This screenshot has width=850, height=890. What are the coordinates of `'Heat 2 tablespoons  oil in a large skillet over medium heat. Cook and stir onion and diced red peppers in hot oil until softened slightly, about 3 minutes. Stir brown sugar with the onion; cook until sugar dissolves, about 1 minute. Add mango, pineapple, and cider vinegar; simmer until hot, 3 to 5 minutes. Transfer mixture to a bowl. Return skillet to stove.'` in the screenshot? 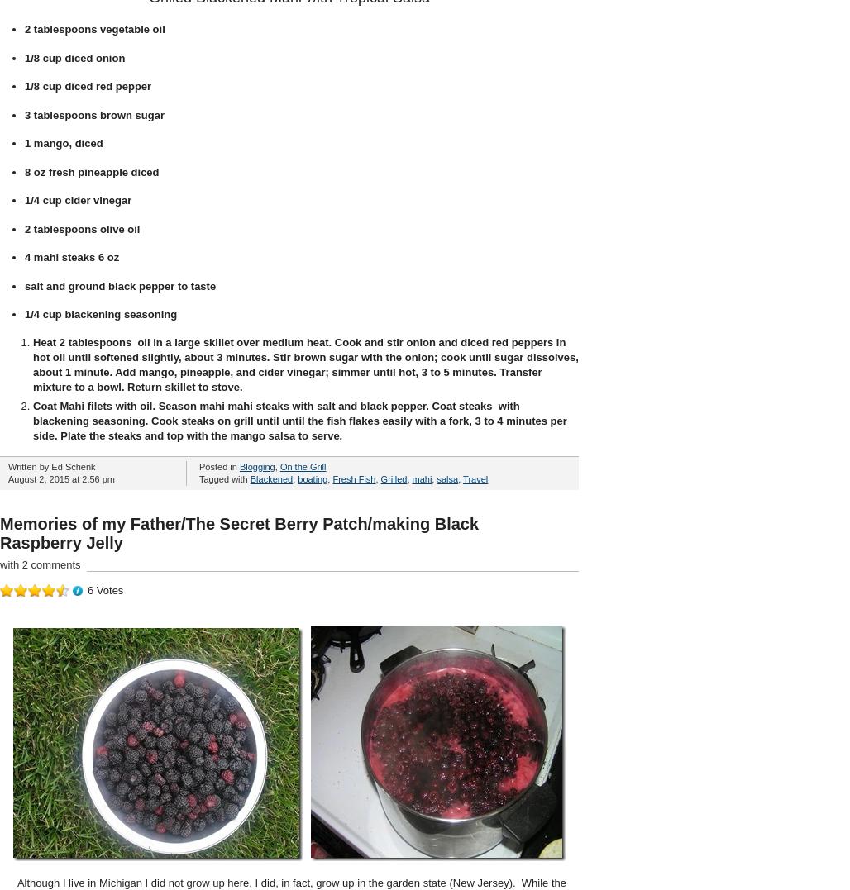 It's located at (304, 363).